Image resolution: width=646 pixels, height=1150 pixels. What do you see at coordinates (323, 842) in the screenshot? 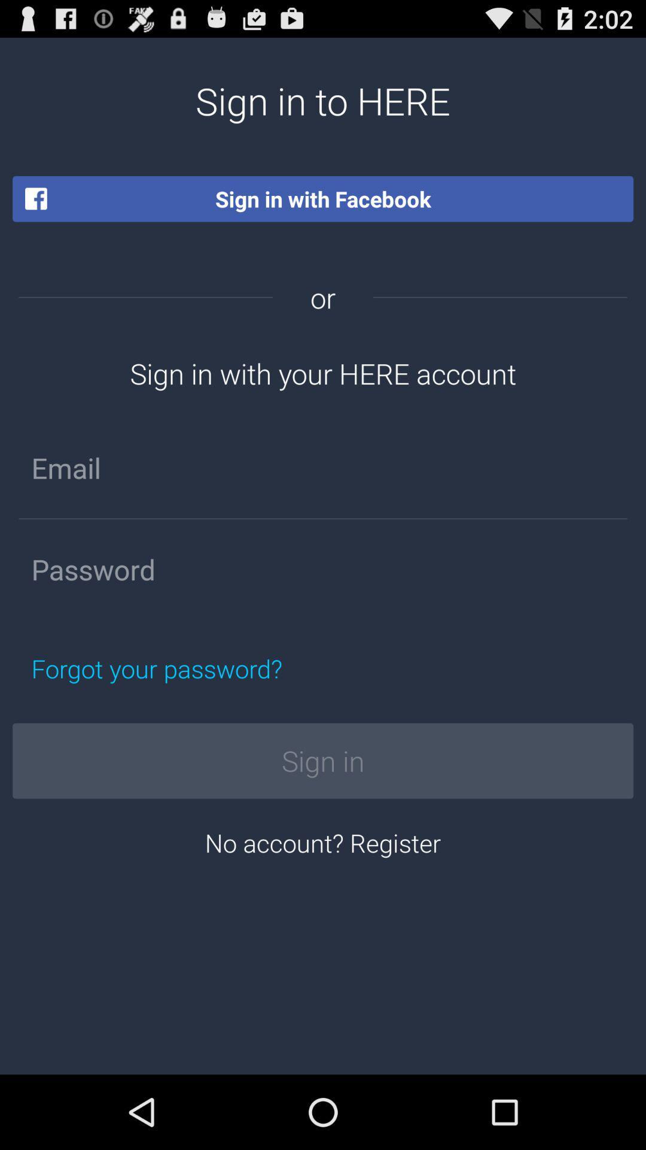
I see `no account? register` at bounding box center [323, 842].